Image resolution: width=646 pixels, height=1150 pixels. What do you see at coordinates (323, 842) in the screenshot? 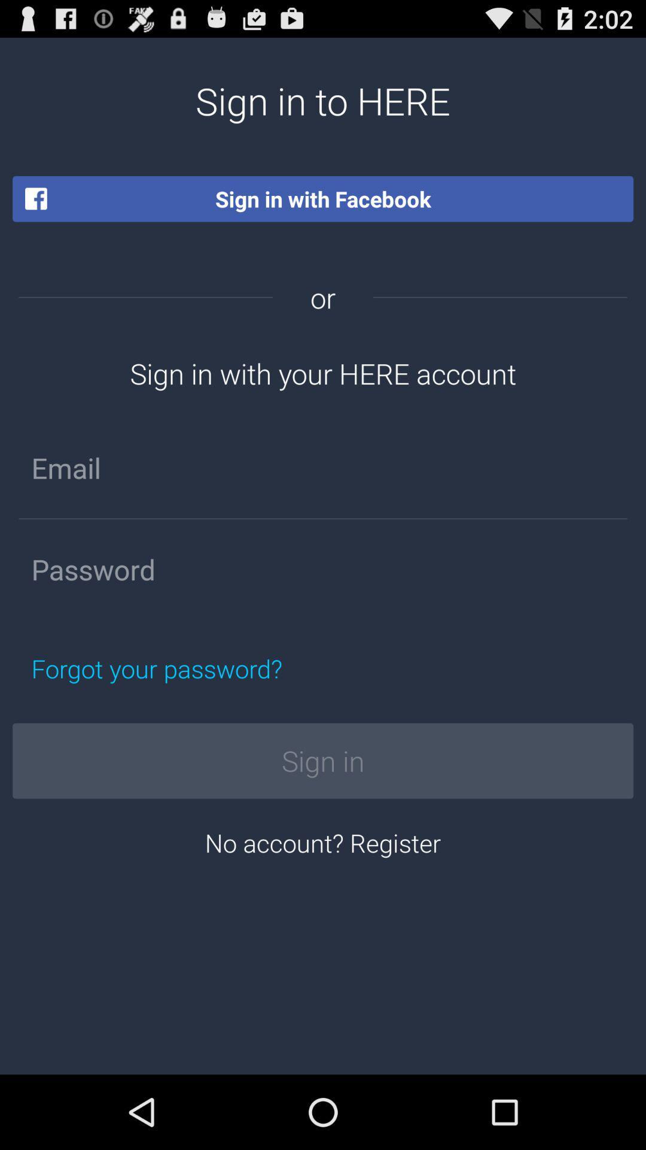
I see `no account? register` at bounding box center [323, 842].